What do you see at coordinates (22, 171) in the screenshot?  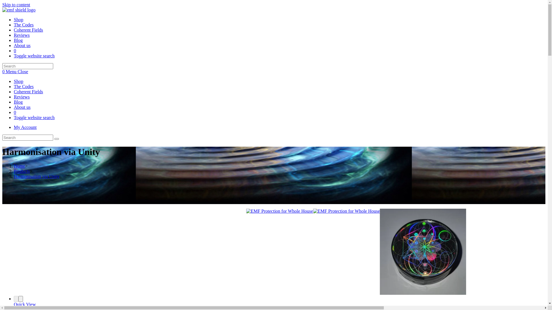 I see `'Products'` at bounding box center [22, 171].